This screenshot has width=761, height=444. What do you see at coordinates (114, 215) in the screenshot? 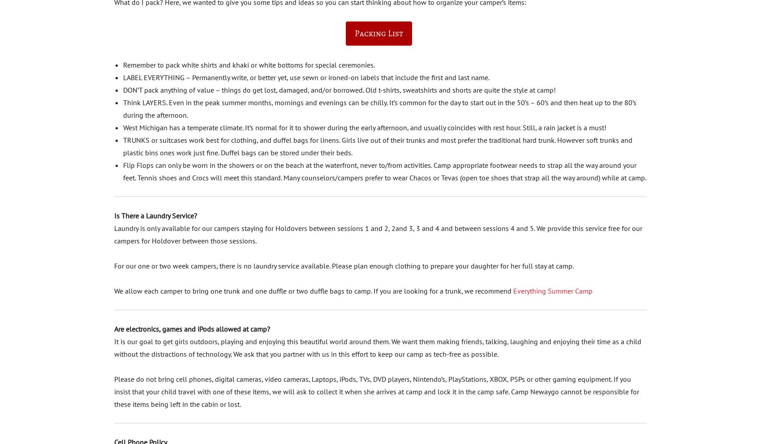
I see `'Is There a Laundry Service?'` at bounding box center [114, 215].